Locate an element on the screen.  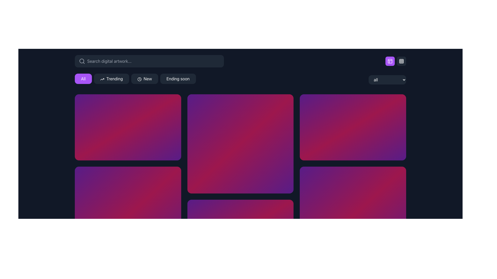
the small purple-shaded icon button located in the top right corner of the interface is located at coordinates (390, 61).